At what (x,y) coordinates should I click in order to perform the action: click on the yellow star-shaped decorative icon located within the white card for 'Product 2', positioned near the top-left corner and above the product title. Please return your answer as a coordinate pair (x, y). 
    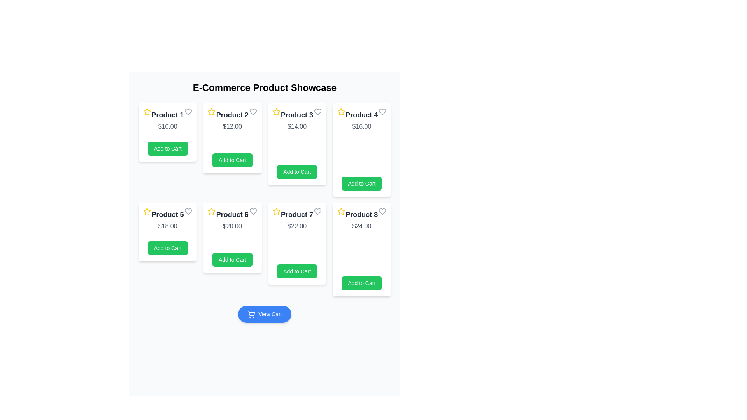
    Looking at the image, I should click on (212, 112).